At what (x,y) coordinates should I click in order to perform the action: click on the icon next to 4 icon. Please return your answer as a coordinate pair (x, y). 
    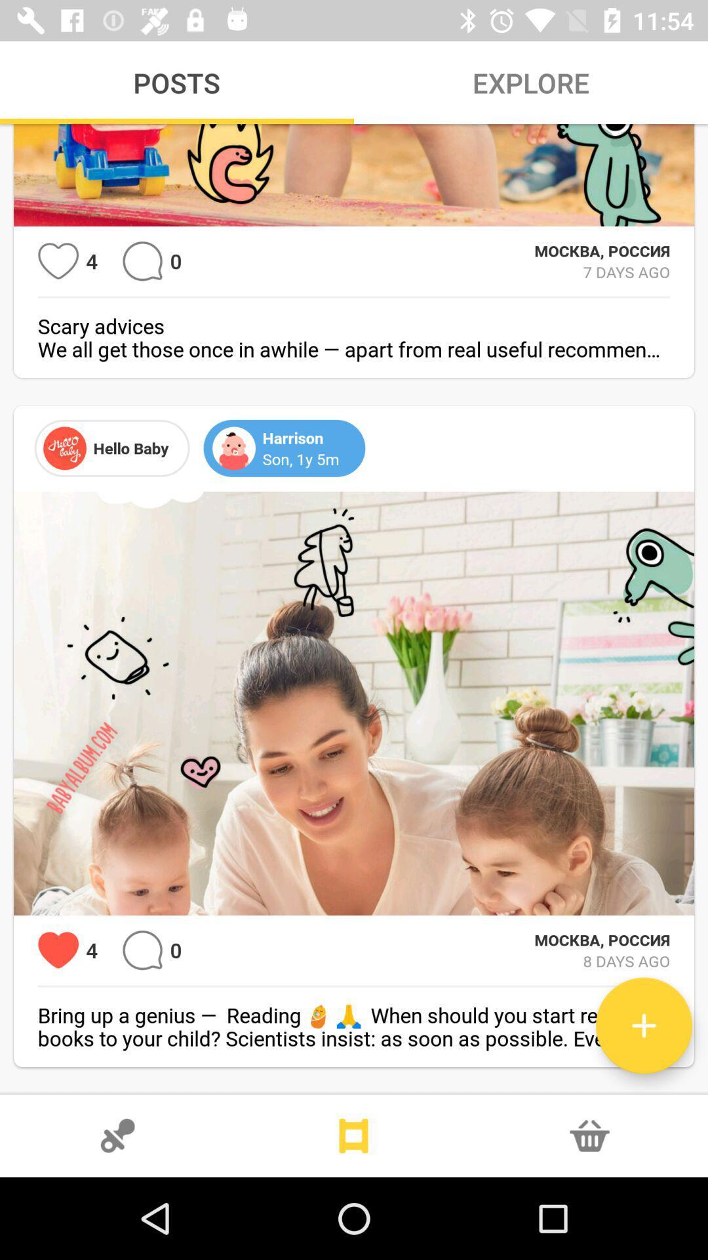
    Looking at the image, I should click on (58, 261).